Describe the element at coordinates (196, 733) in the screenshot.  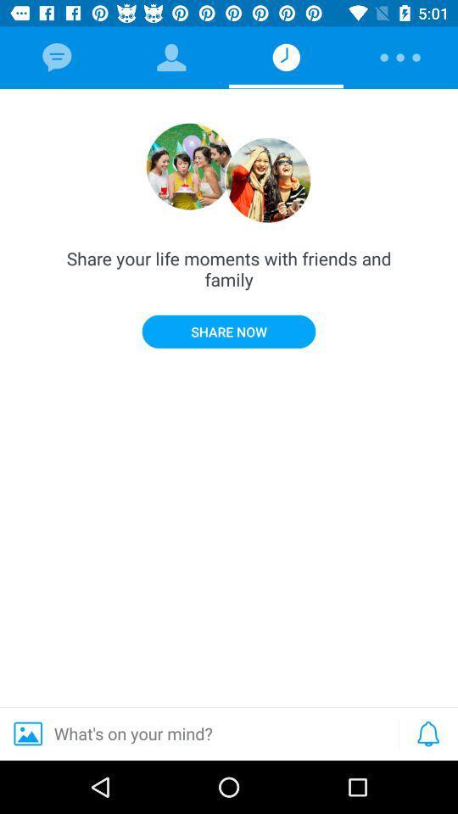
I see `the item below share now` at that location.